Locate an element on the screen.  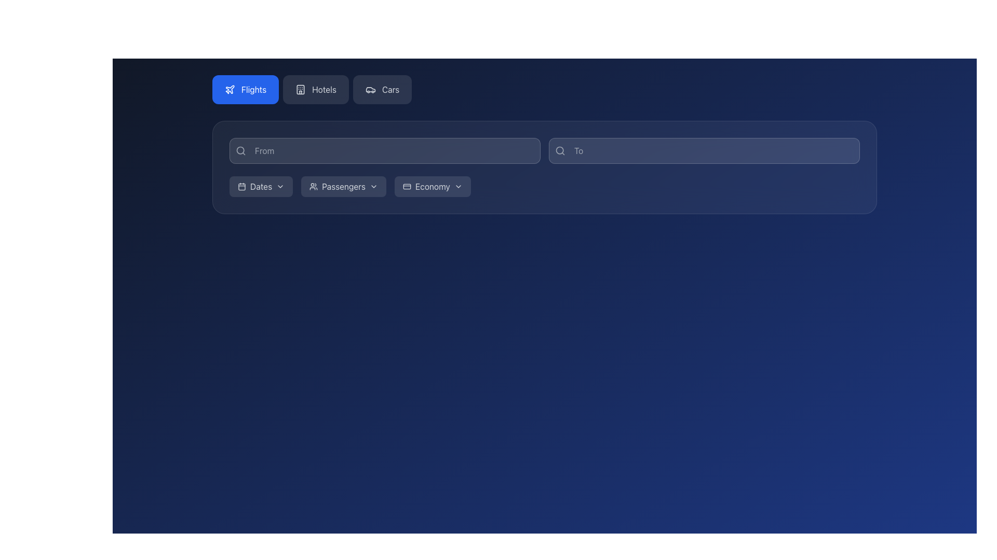
the 'Passengers' label within the dropdown button is located at coordinates (344, 186).